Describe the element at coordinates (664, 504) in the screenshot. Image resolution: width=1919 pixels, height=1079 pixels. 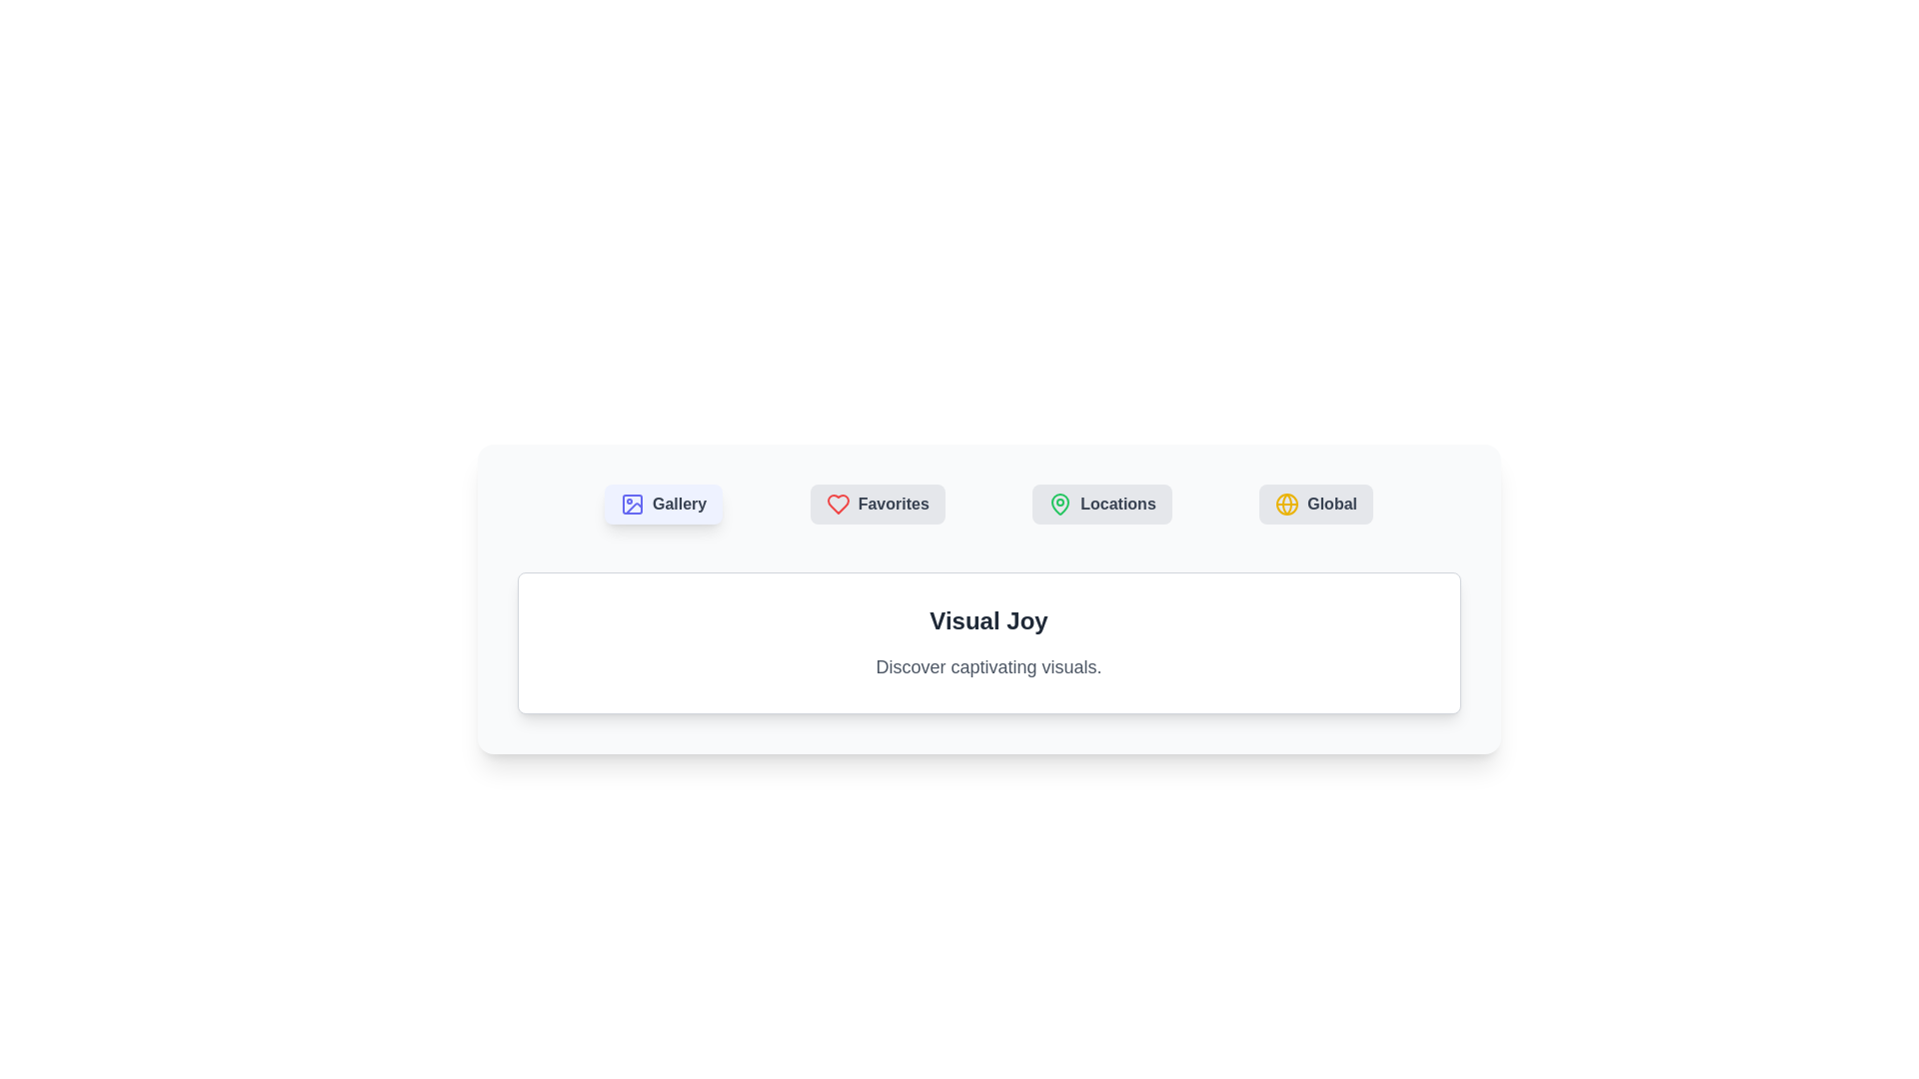
I see `the Gallery tab to switch content` at that location.